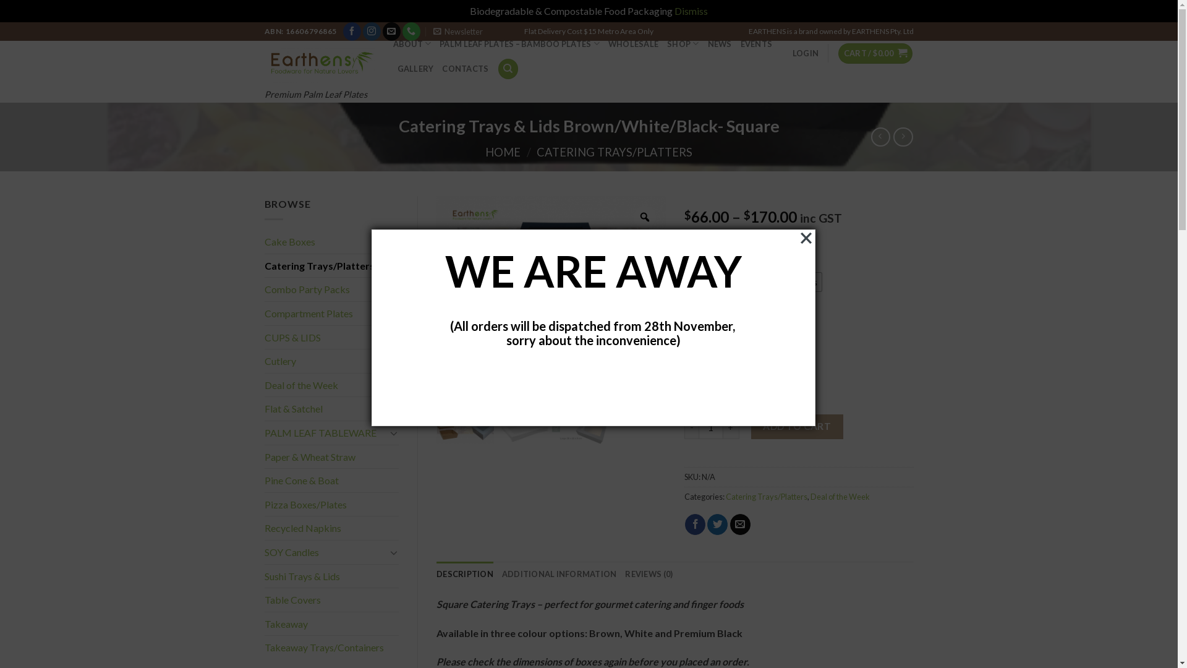 This screenshot has height=668, width=1187. Describe the element at coordinates (332, 361) in the screenshot. I see `'Cutlery'` at that location.